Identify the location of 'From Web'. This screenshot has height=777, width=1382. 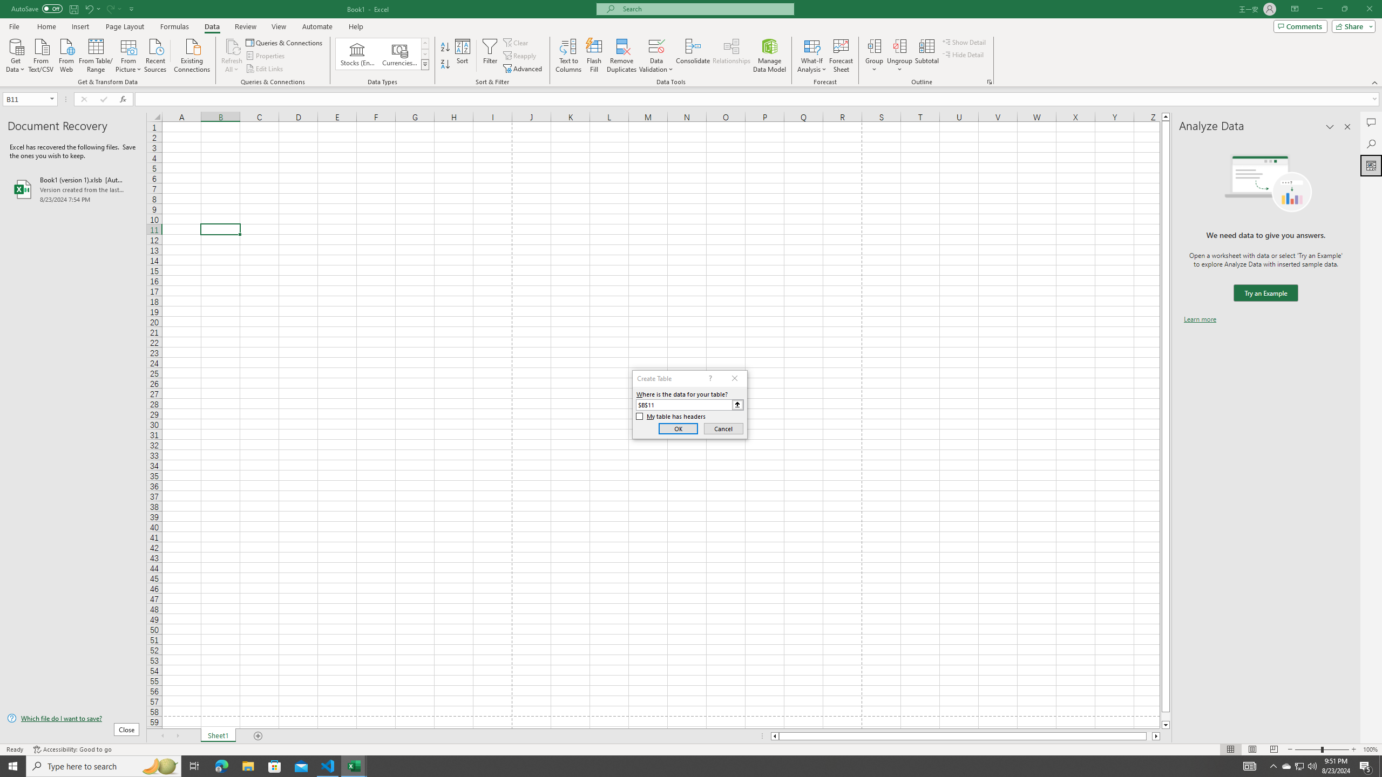
(66, 54).